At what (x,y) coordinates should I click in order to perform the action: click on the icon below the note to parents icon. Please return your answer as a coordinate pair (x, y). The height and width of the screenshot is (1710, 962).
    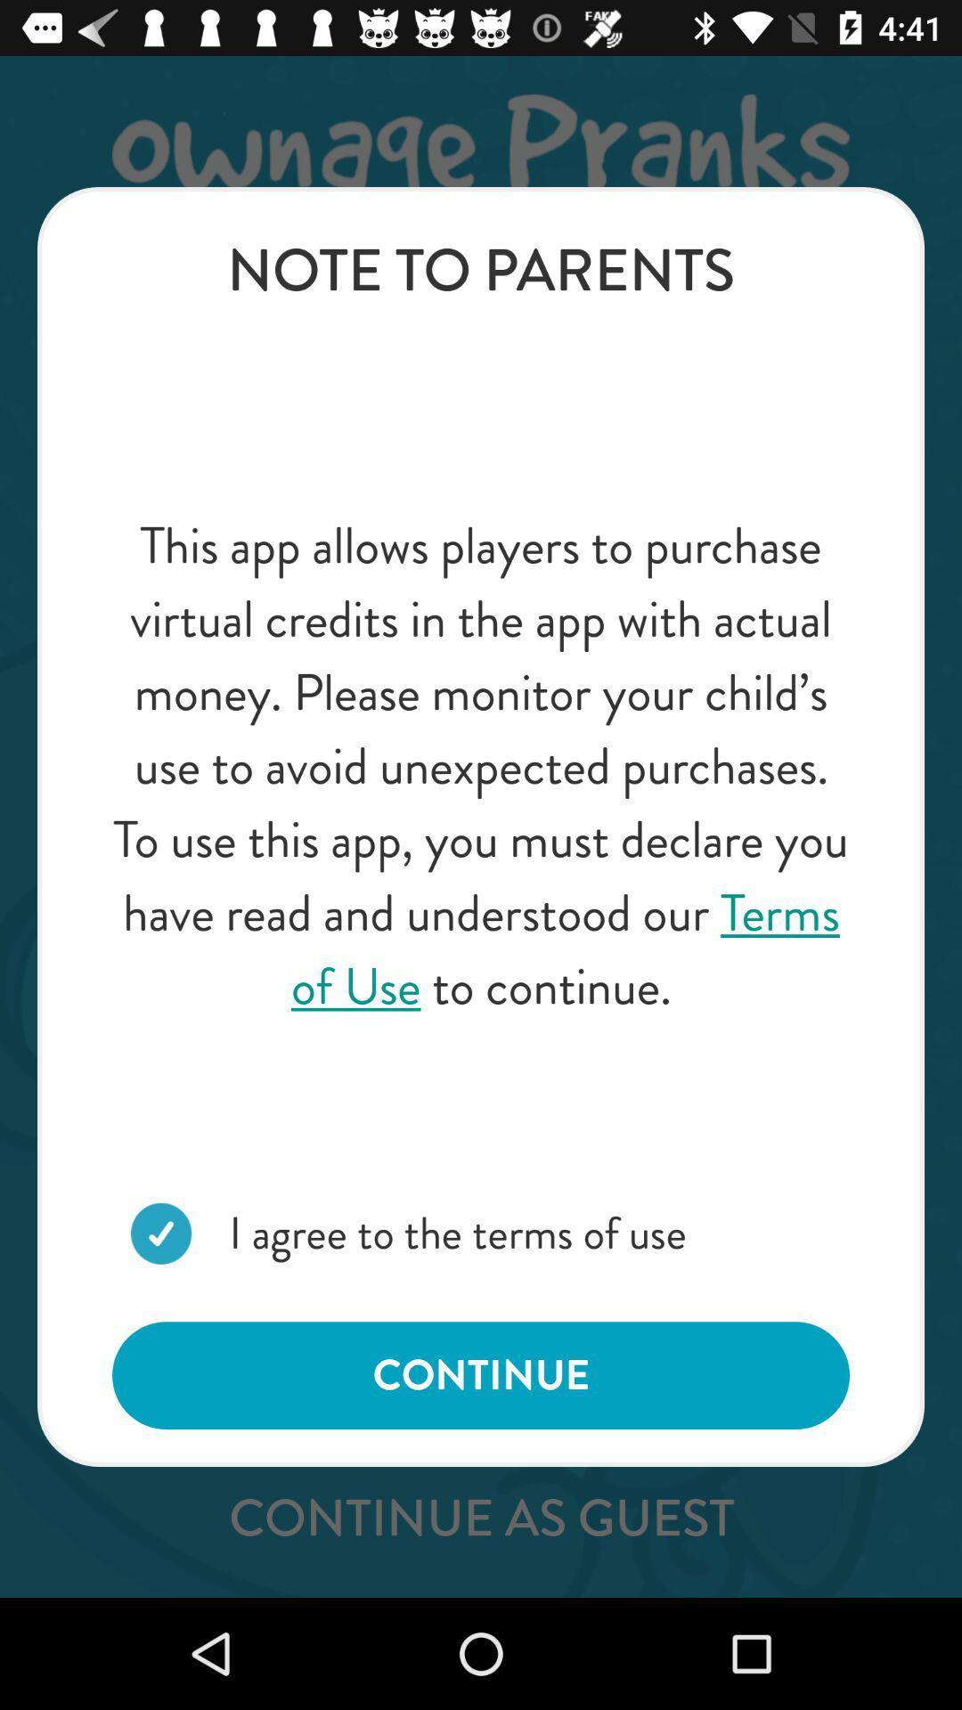
    Looking at the image, I should click on (481, 766).